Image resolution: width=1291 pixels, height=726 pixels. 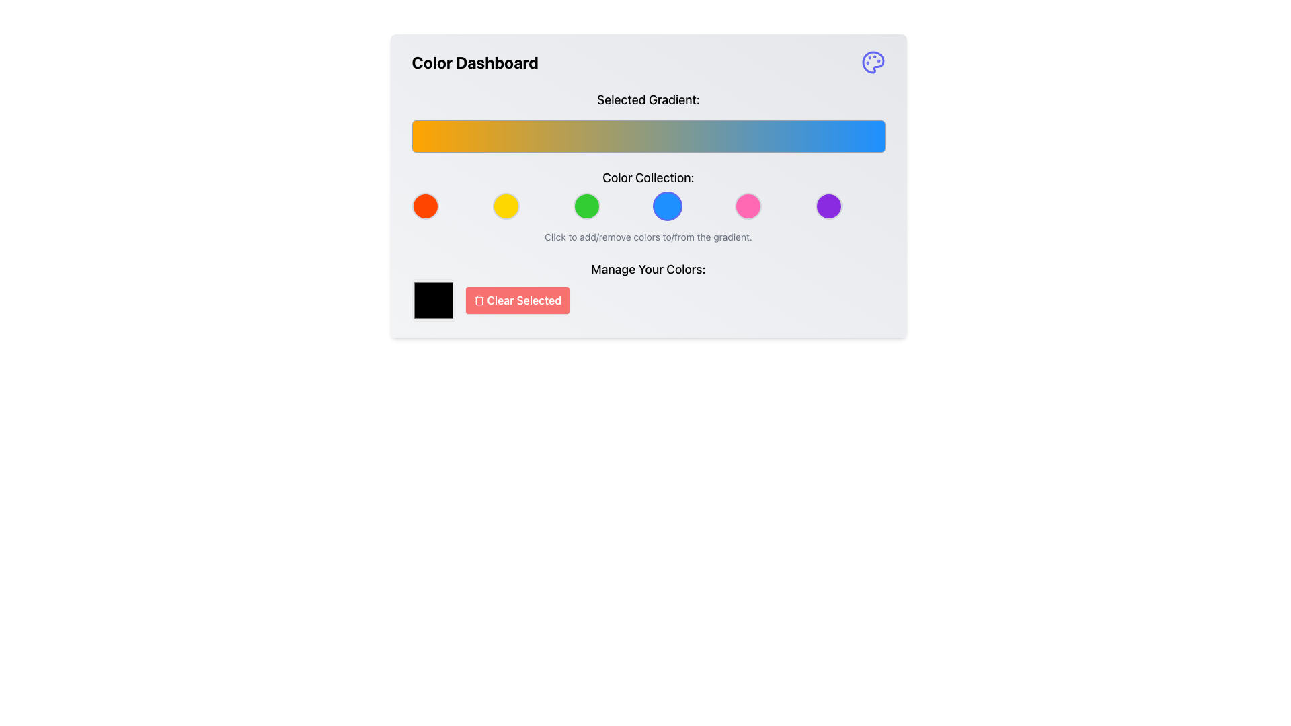 What do you see at coordinates (873, 62) in the screenshot?
I see `the palette icon located at the top-right corner of the interface` at bounding box center [873, 62].